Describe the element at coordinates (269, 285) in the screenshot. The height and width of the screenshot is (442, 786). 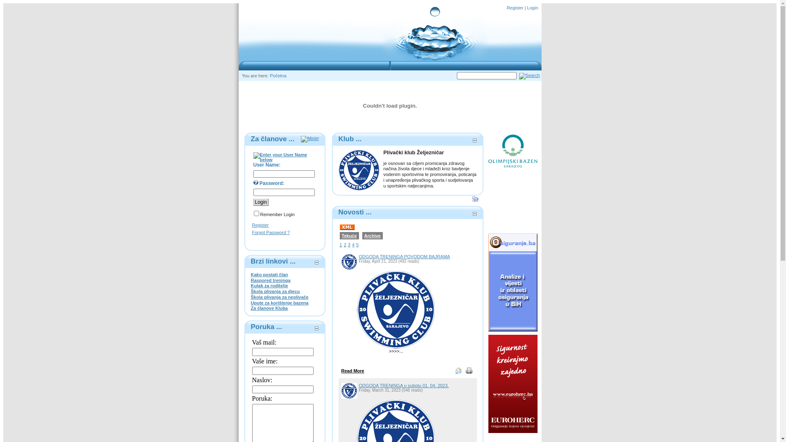
I see `'Kutak za roditelje'` at that location.